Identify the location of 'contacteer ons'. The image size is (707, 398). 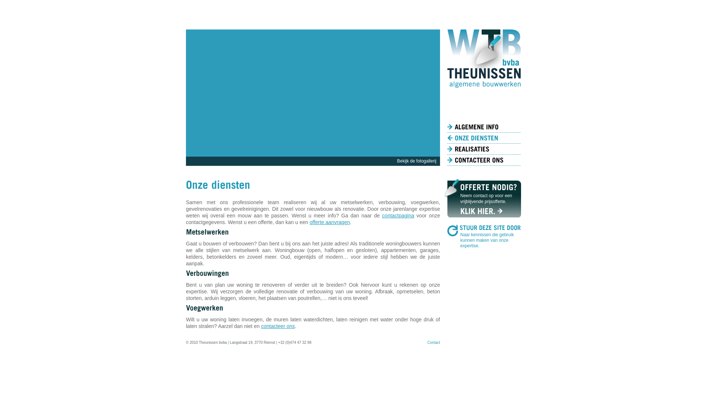
(277, 325).